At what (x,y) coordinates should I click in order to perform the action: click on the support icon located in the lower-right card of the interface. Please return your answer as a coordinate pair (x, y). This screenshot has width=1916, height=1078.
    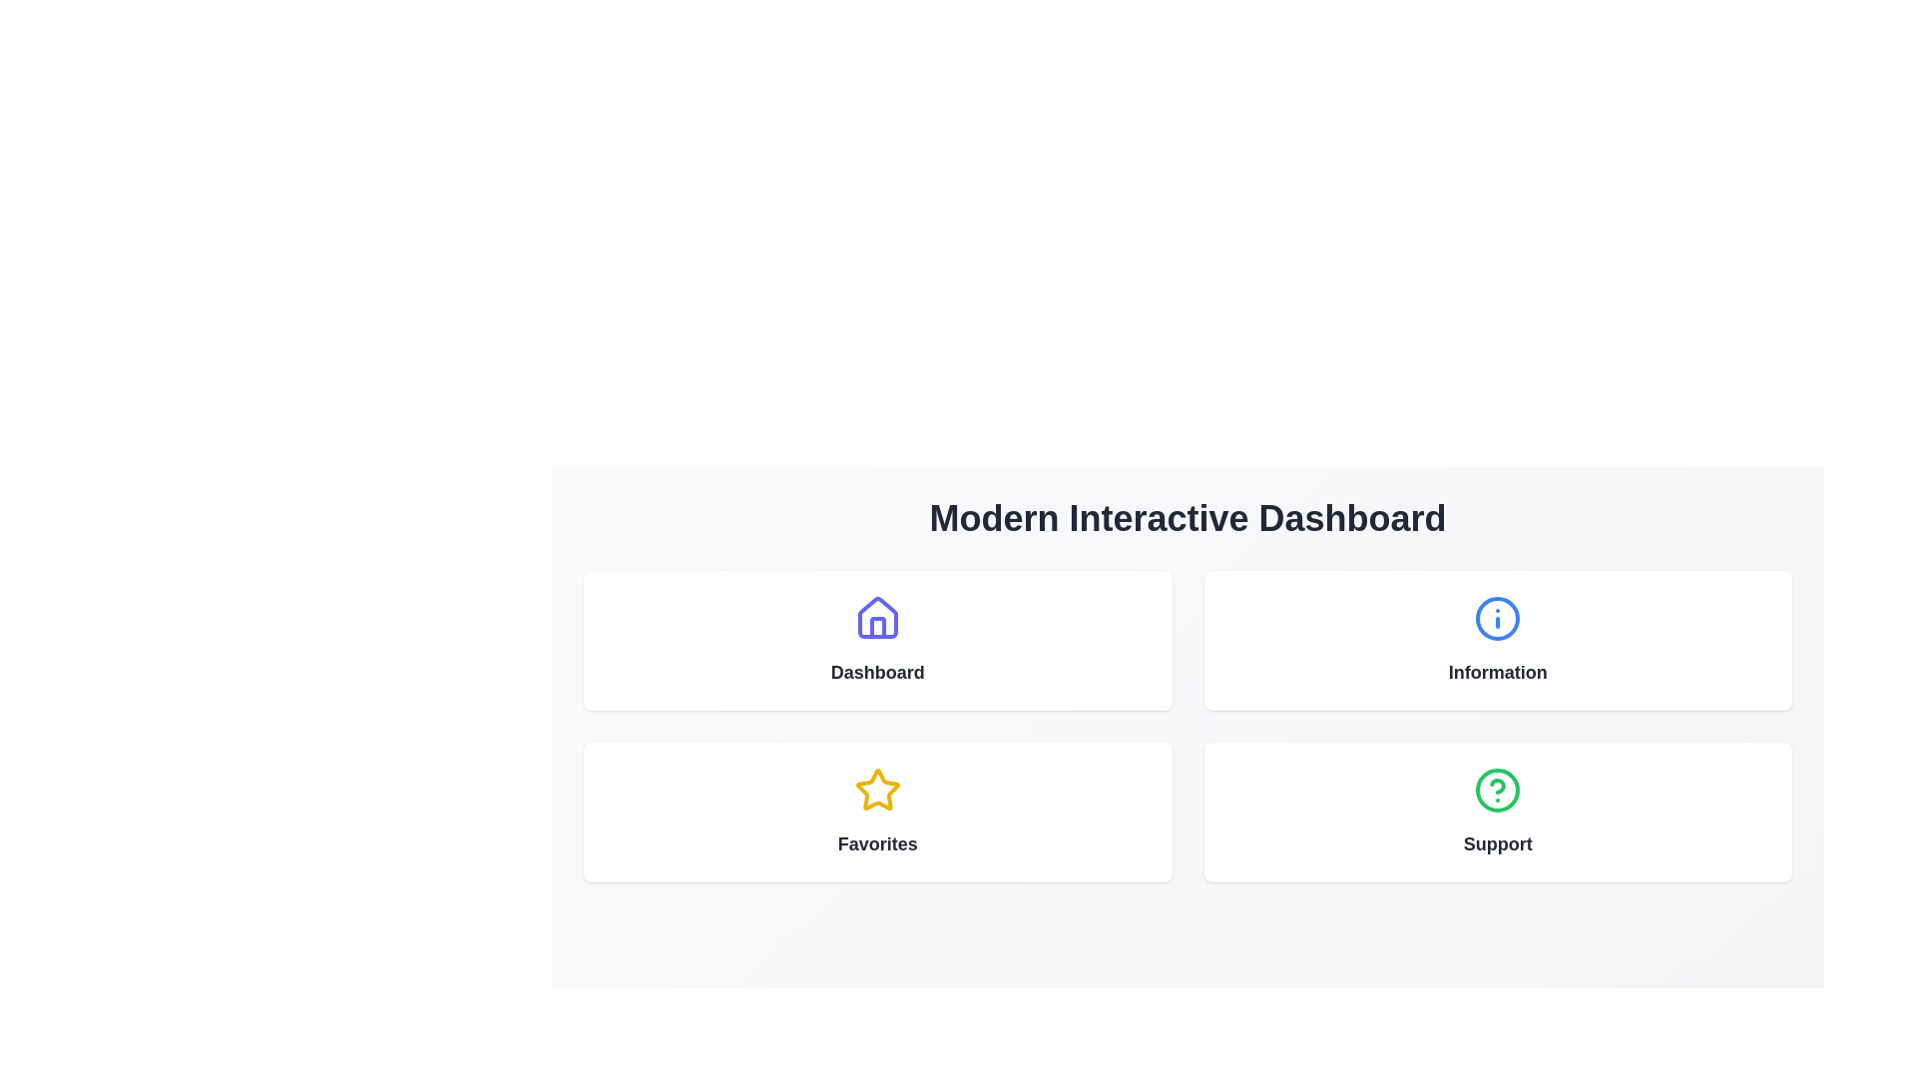
    Looking at the image, I should click on (1498, 789).